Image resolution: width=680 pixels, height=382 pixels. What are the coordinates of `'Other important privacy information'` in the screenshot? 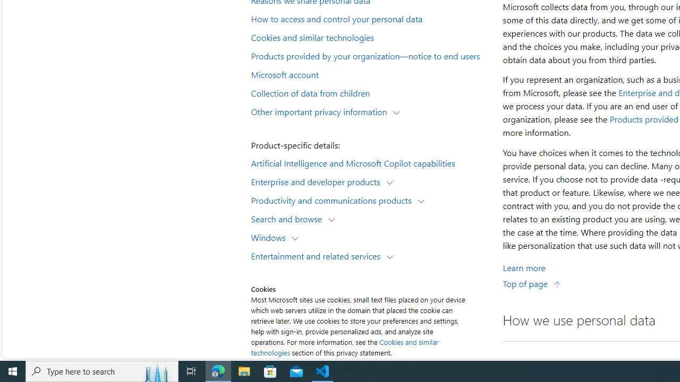 It's located at (321, 111).